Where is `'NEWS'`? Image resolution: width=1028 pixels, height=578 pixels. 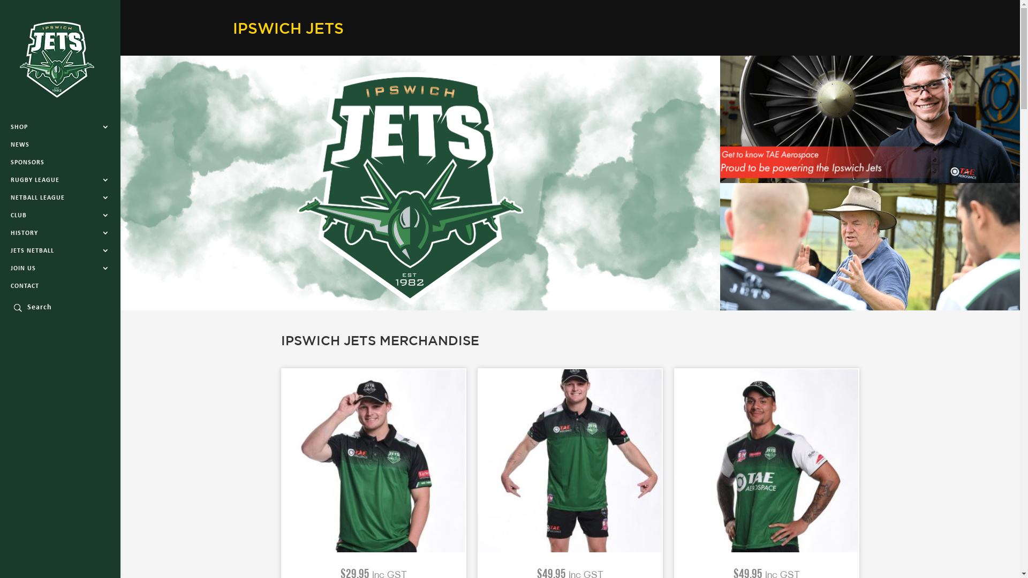
'NEWS' is located at coordinates (59, 144).